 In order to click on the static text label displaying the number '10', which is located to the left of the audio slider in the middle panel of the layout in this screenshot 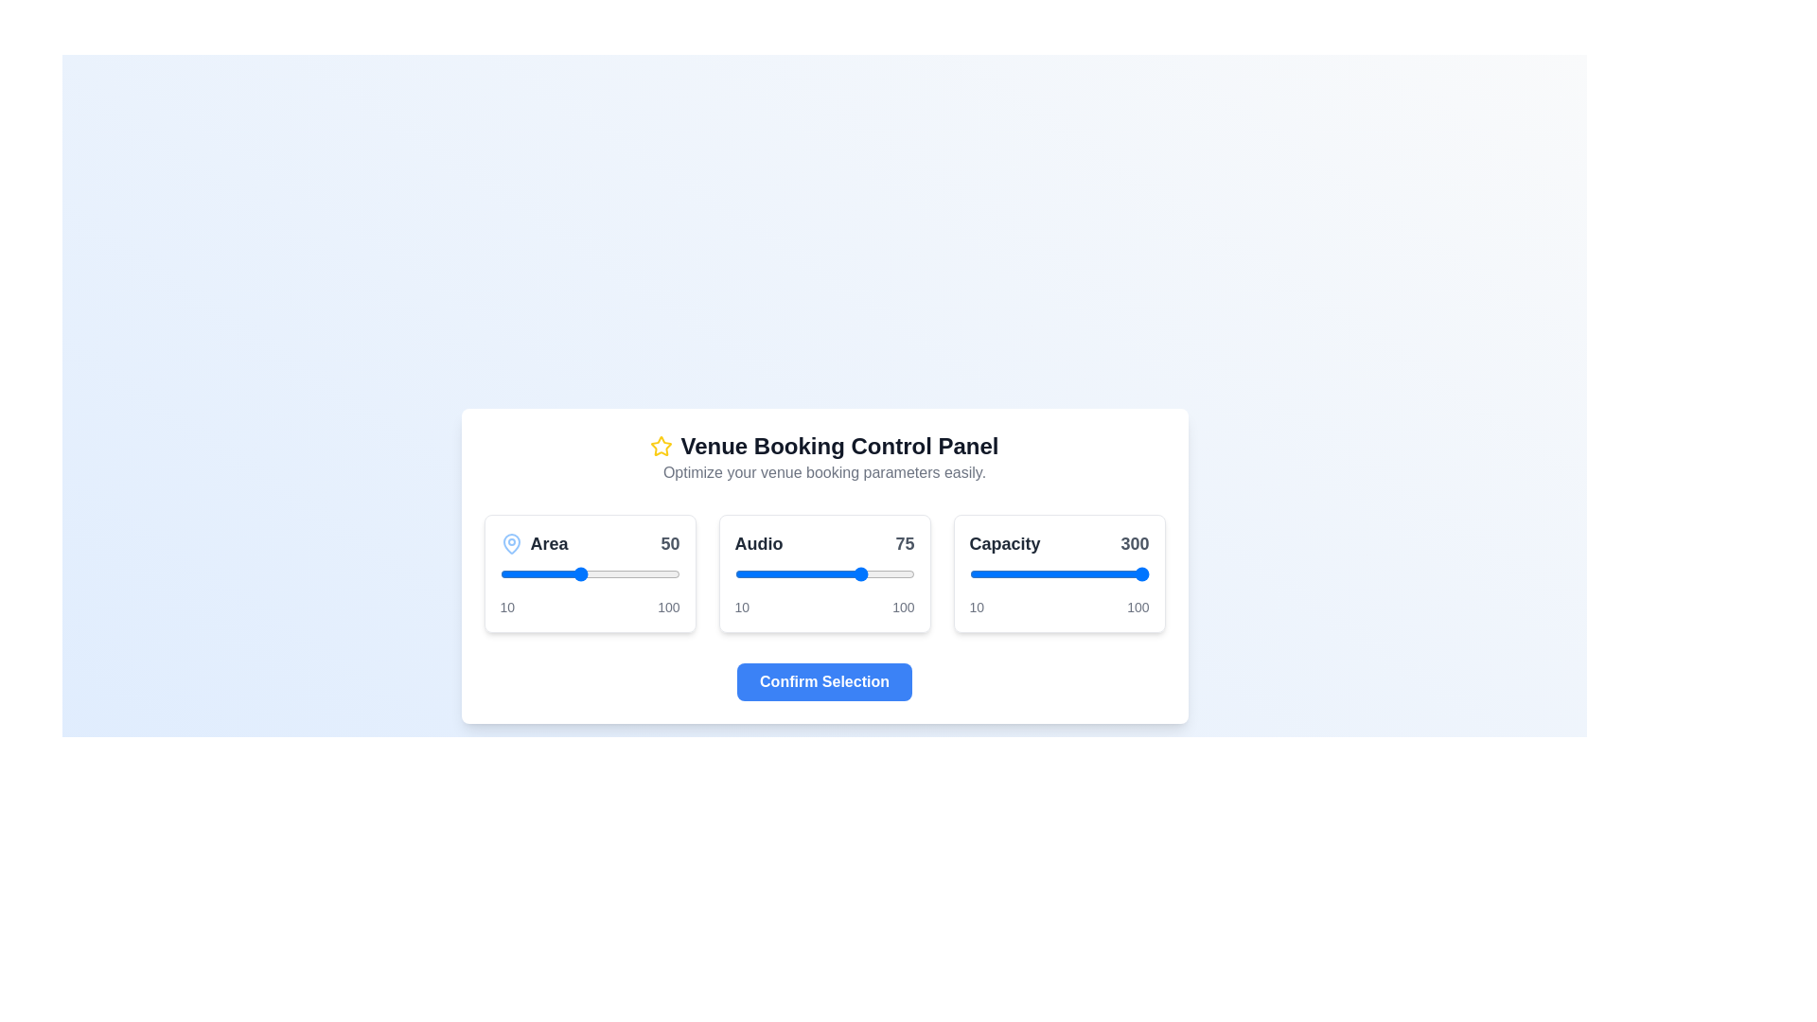, I will do `click(741, 607)`.